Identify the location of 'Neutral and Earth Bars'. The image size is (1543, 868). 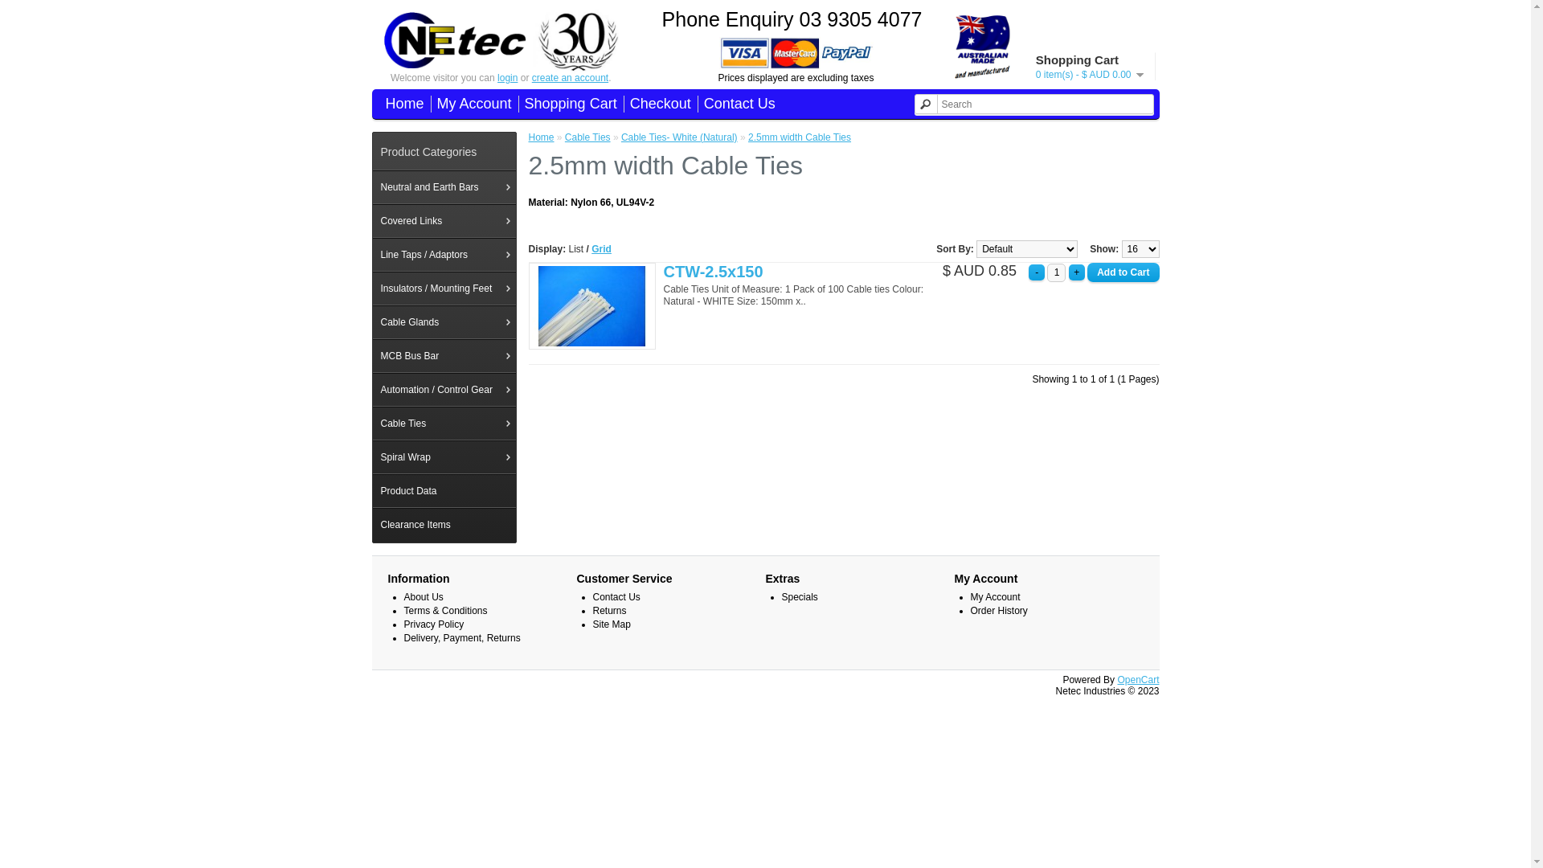
(444, 186).